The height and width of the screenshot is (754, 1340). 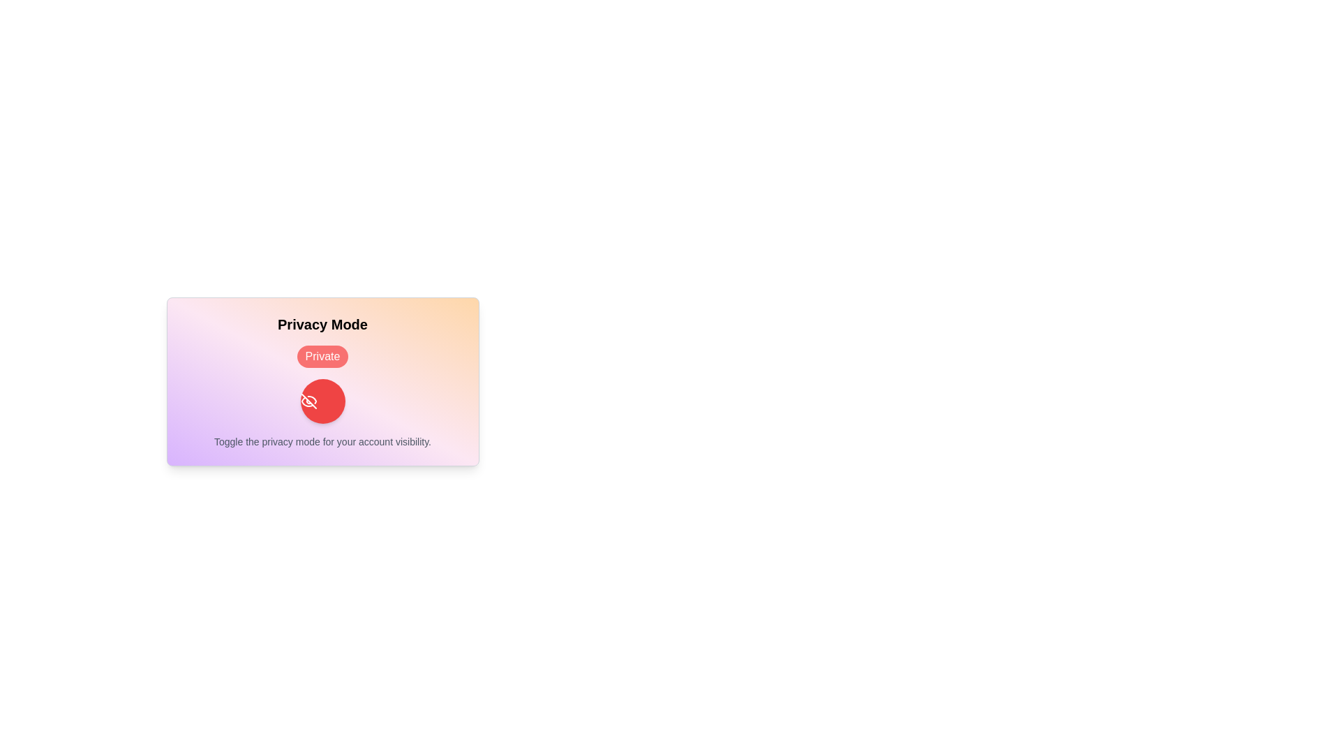 I want to click on privacy toggle button to switch the privacy mode, so click(x=322, y=401).